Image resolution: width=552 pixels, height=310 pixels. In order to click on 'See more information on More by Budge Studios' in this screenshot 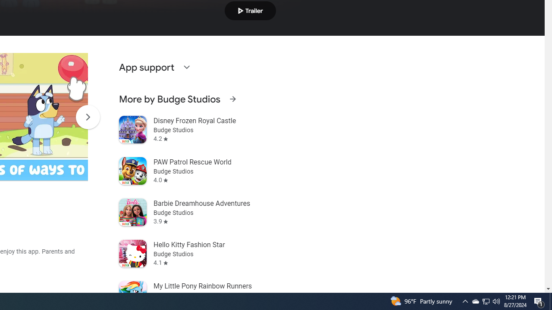, I will do `click(232, 99)`.